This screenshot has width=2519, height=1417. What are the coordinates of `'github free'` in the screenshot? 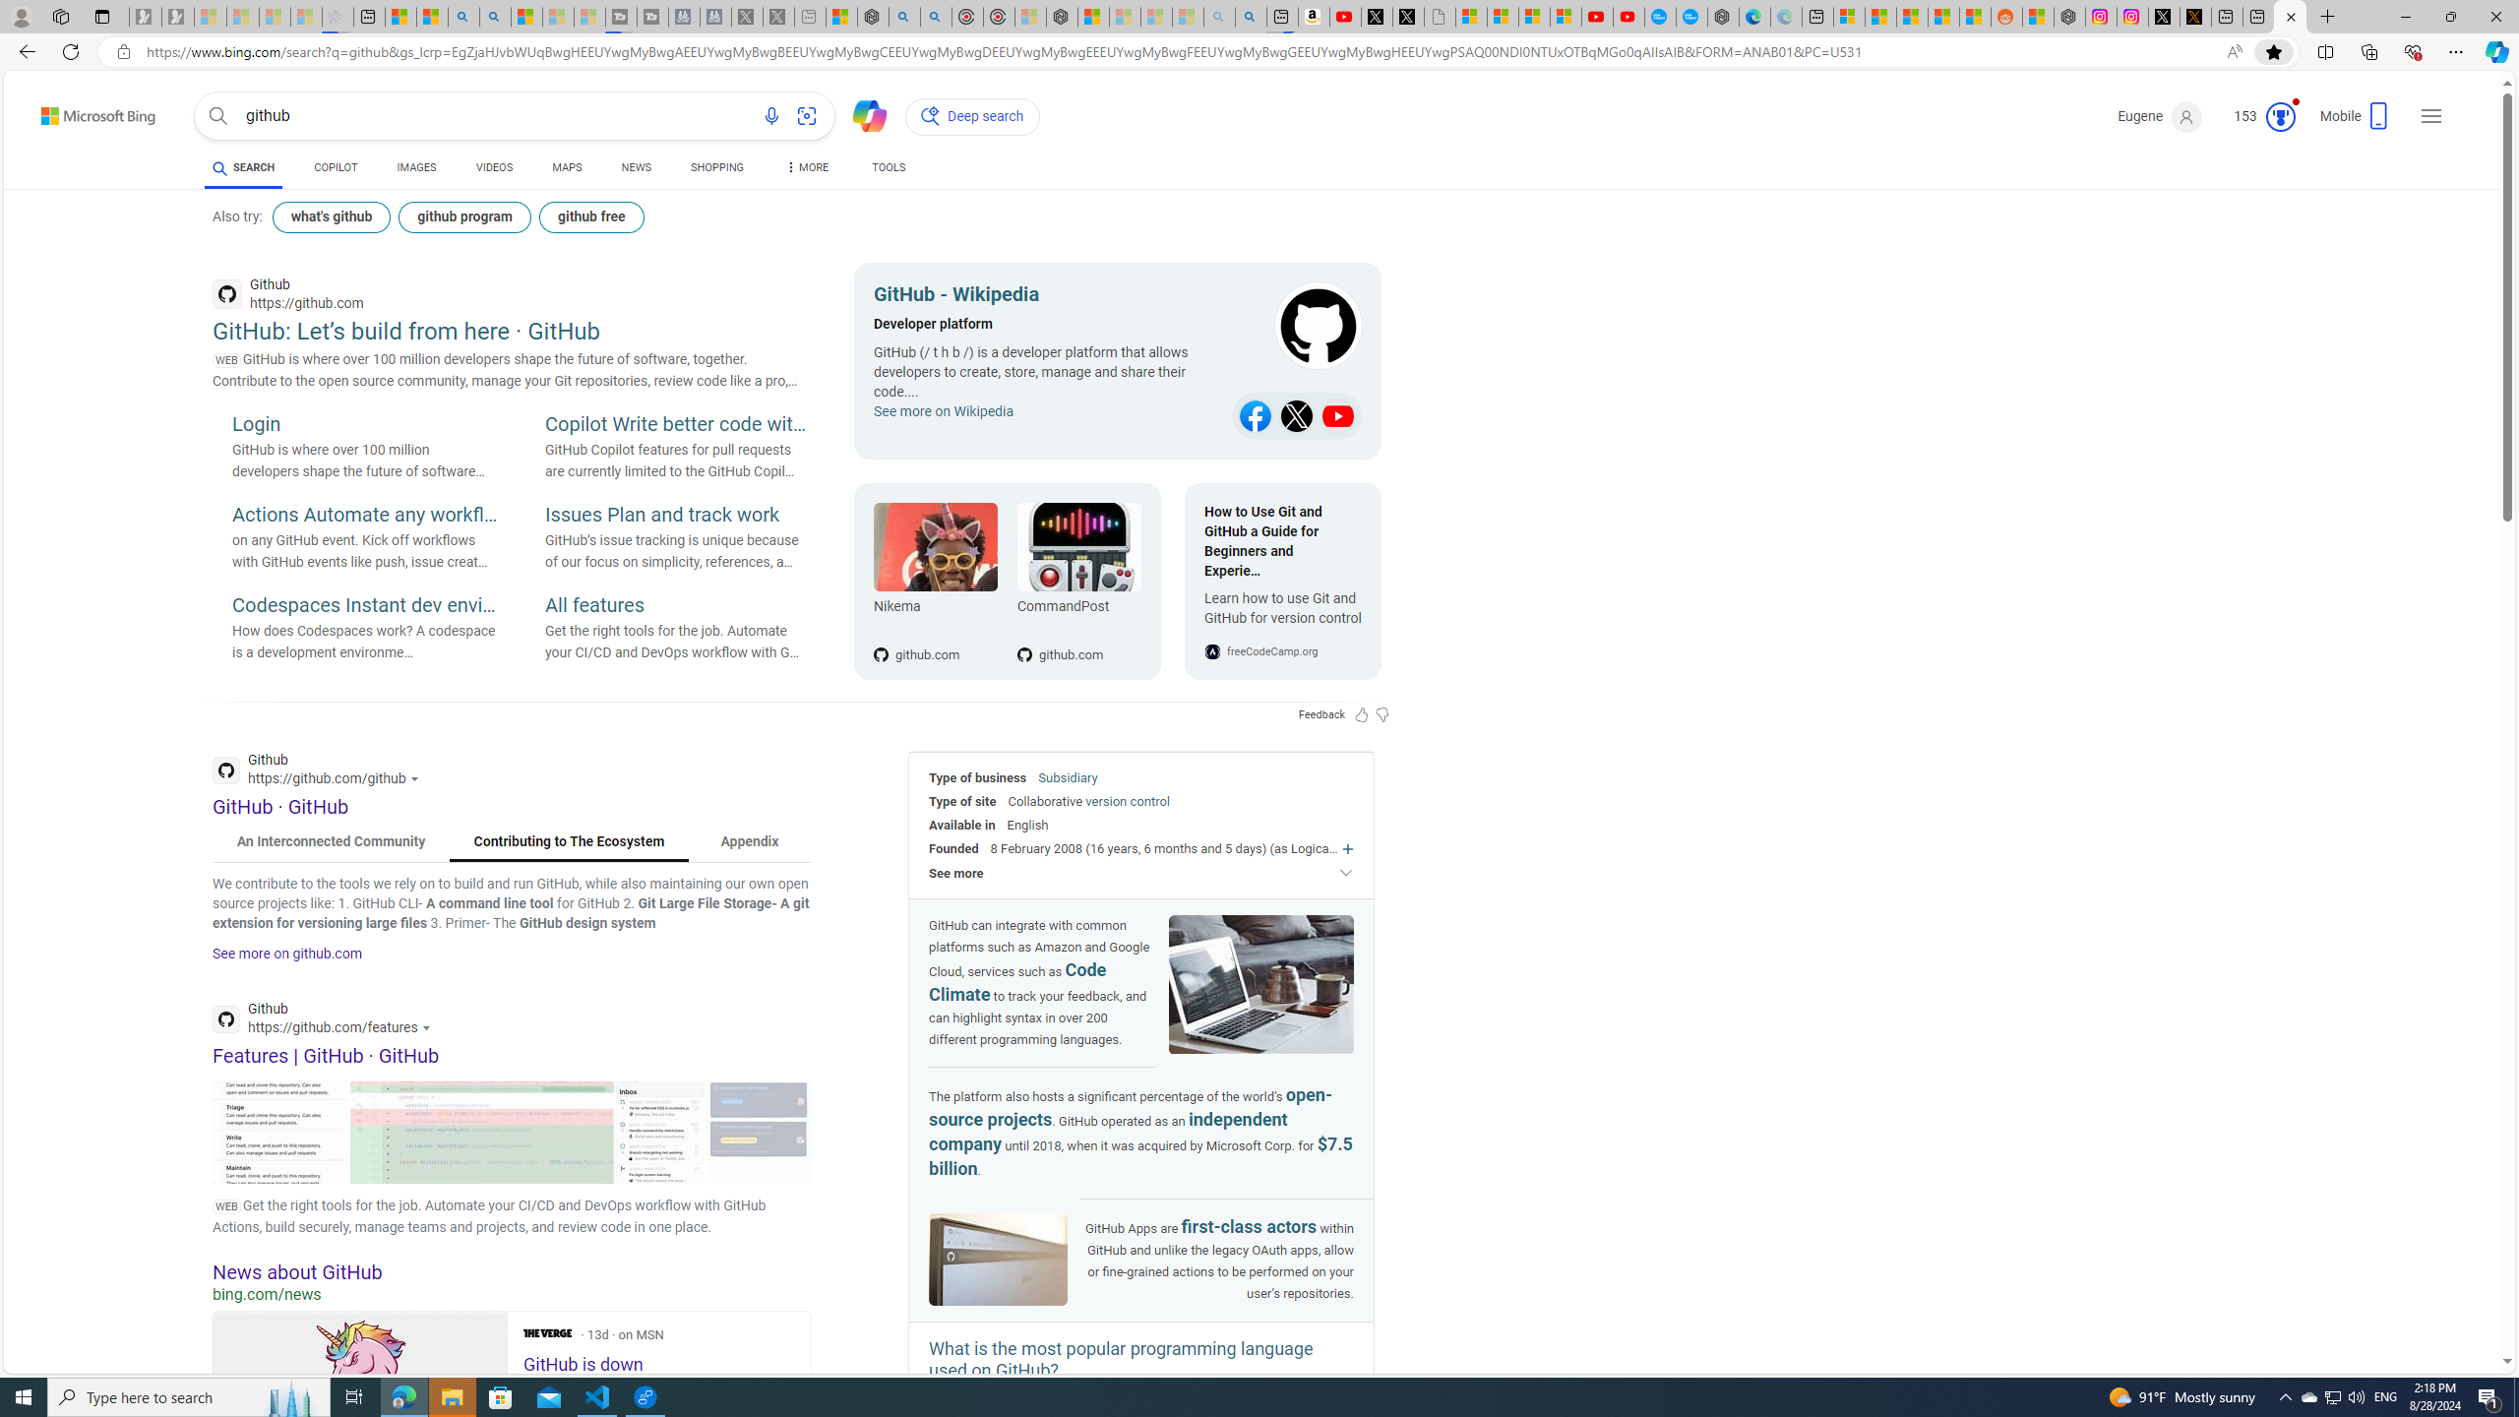 It's located at (589, 217).